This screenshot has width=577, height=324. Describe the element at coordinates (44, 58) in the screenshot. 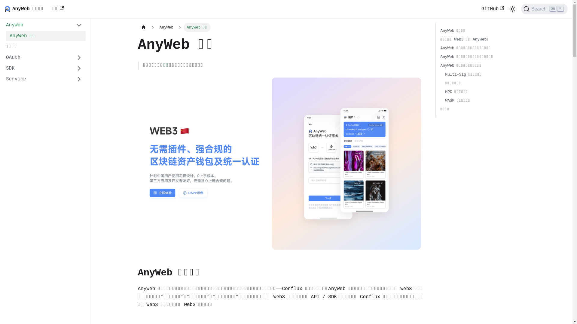

I see `'OAuth'` at that location.